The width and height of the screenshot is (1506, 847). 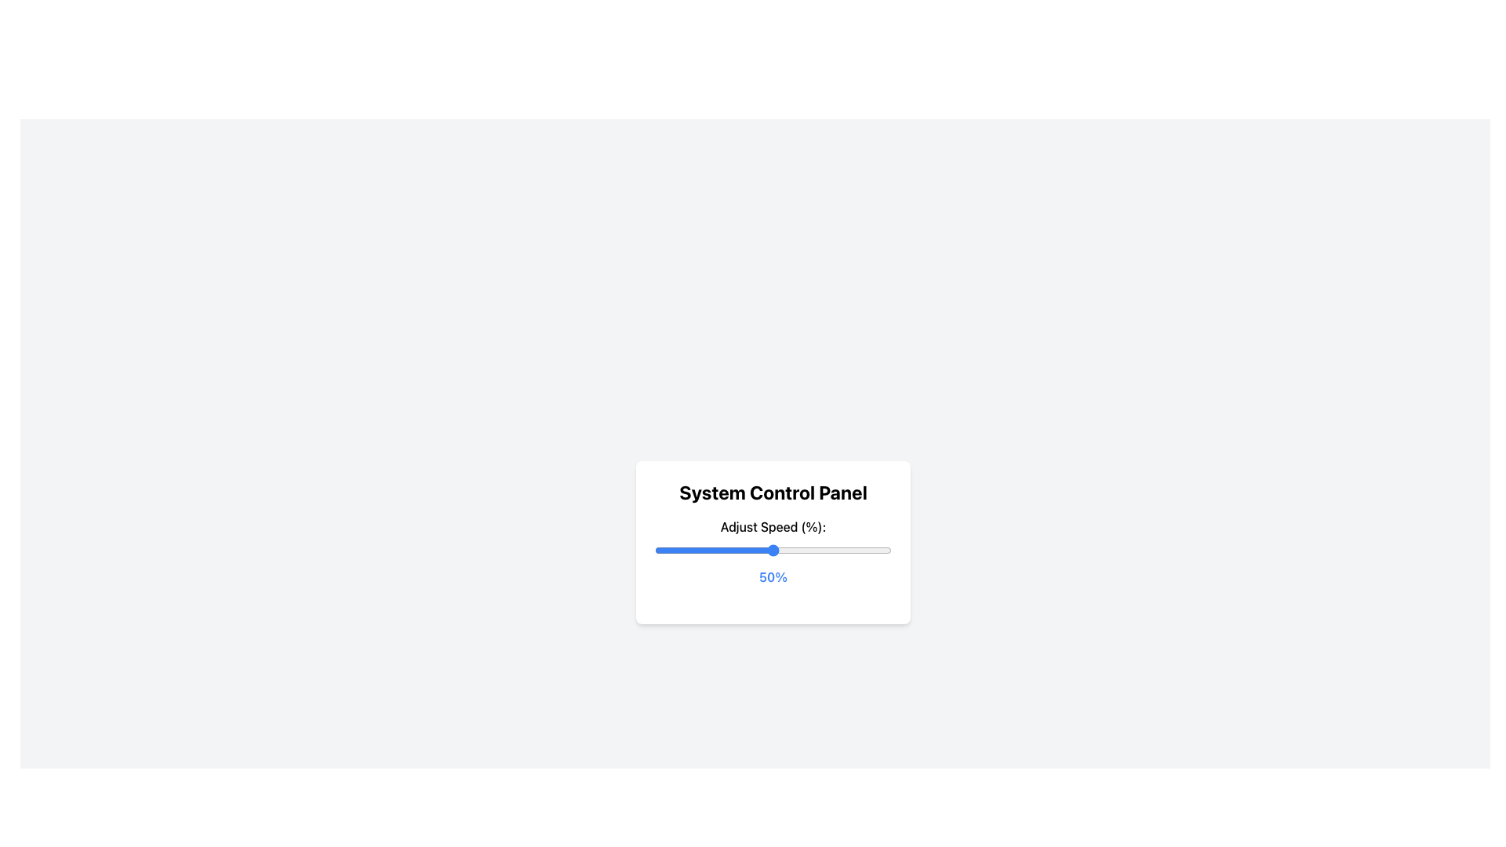 I want to click on the text label reading '50%' which is styled with a blue color and bold font, located directly below the range slider in the central section of the modal window labeled 'System Control Panel', so click(x=773, y=577).